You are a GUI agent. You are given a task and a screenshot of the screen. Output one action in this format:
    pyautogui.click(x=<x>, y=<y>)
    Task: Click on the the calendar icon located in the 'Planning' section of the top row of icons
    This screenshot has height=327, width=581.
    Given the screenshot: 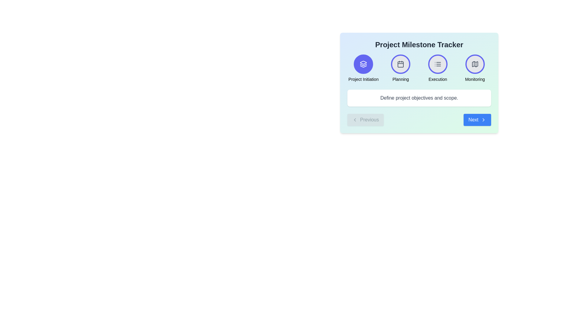 What is the action you would take?
    pyautogui.click(x=401, y=64)
    